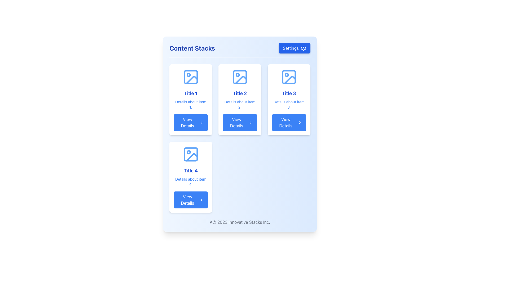 The width and height of the screenshot is (509, 286). Describe the element at coordinates (238, 75) in the screenshot. I see `the SVG circle element located inside the second card labeled 'Title 2' in the grid of items, part of the icon at the top of the card` at that location.